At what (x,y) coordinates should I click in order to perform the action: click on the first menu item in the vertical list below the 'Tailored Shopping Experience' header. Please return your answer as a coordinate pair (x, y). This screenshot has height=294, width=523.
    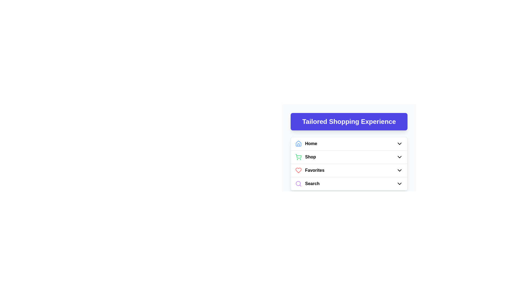
    Looking at the image, I should click on (306, 143).